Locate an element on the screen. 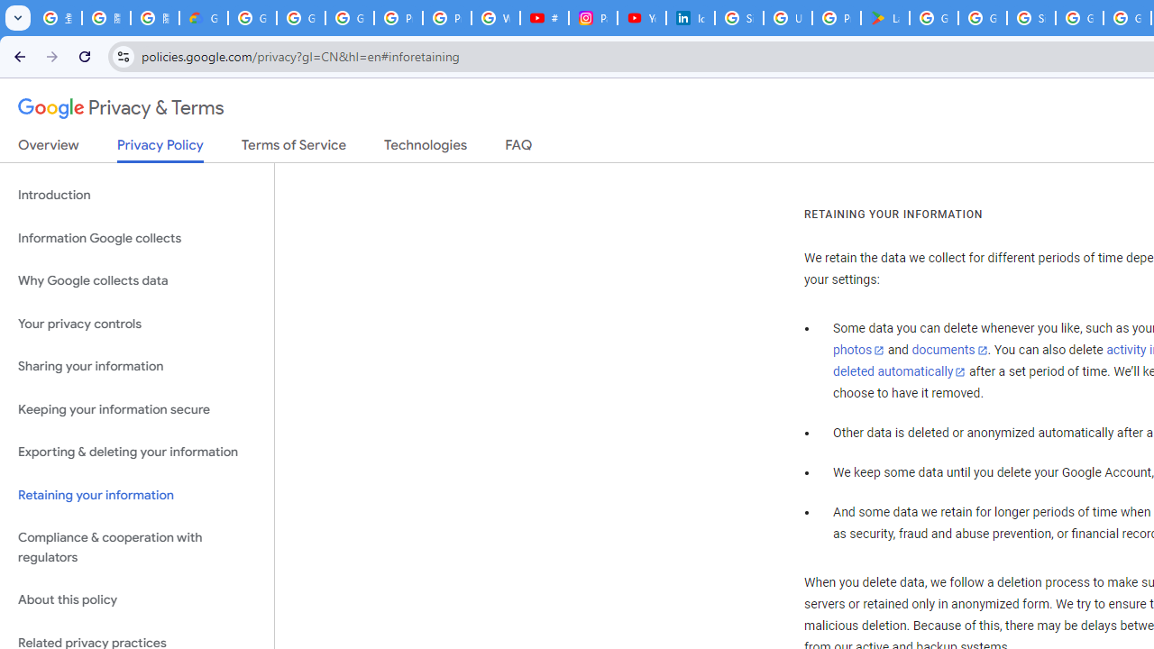 Image resolution: width=1154 pixels, height=649 pixels. 'Why Google collects data' is located at coordinates (136, 281).